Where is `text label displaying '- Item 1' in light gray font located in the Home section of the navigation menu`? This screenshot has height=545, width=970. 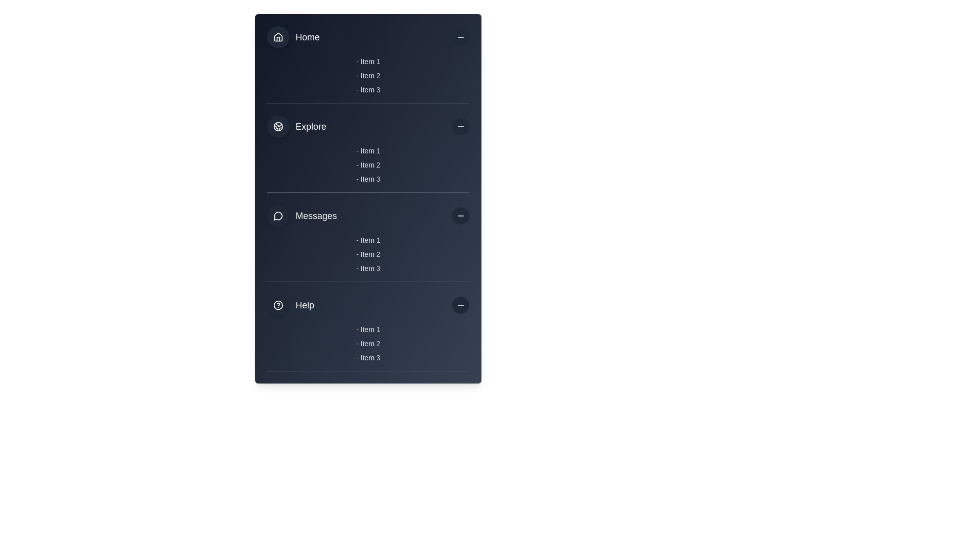 text label displaying '- Item 1' in light gray font located in the Home section of the navigation menu is located at coordinates (368, 62).